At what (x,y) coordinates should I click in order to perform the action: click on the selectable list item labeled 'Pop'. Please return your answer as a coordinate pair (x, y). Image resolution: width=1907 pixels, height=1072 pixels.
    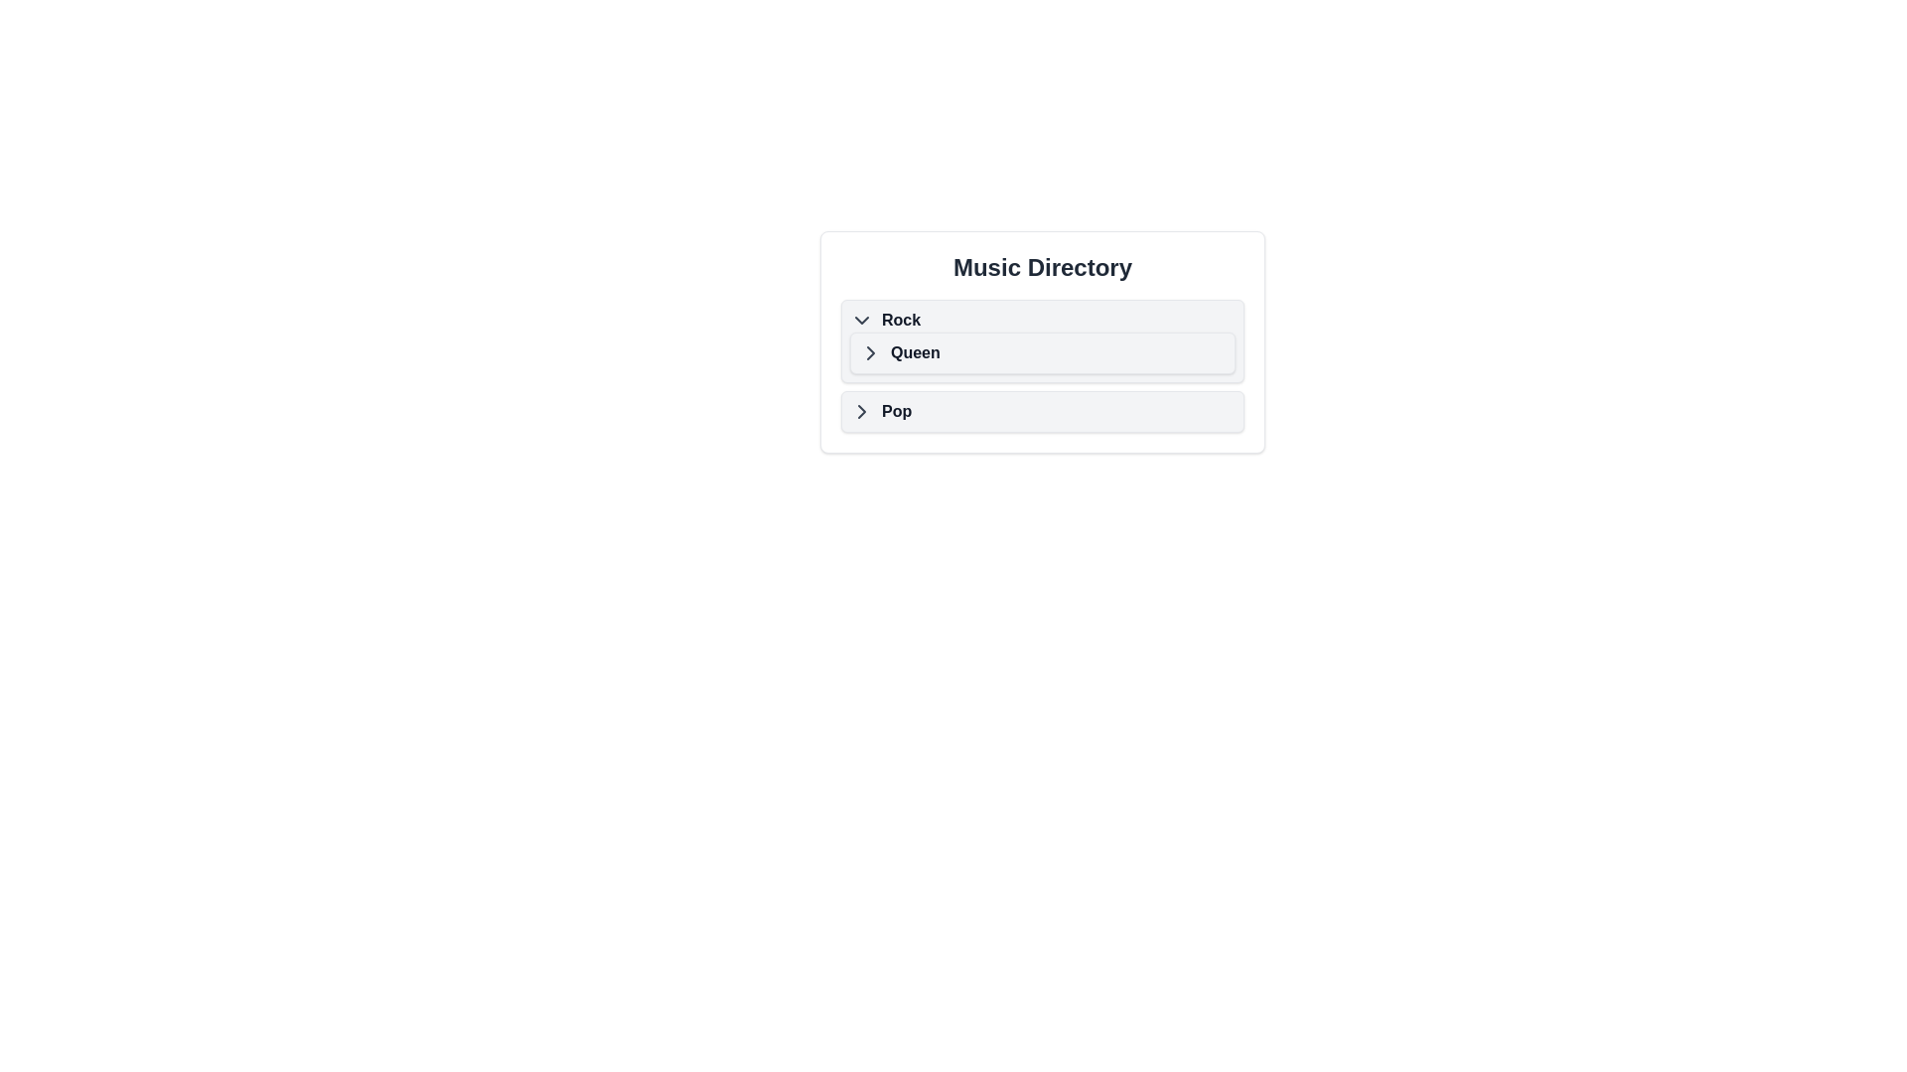
    Looking at the image, I should click on (1042, 411).